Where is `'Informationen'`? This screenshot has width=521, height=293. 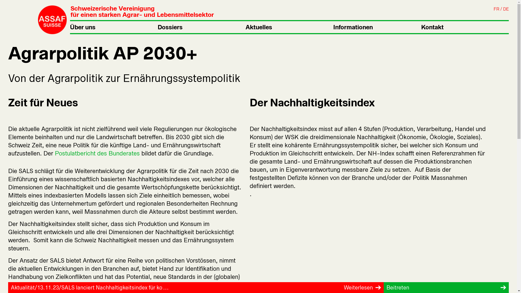
'Informationen' is located at coordinates (333, 27).